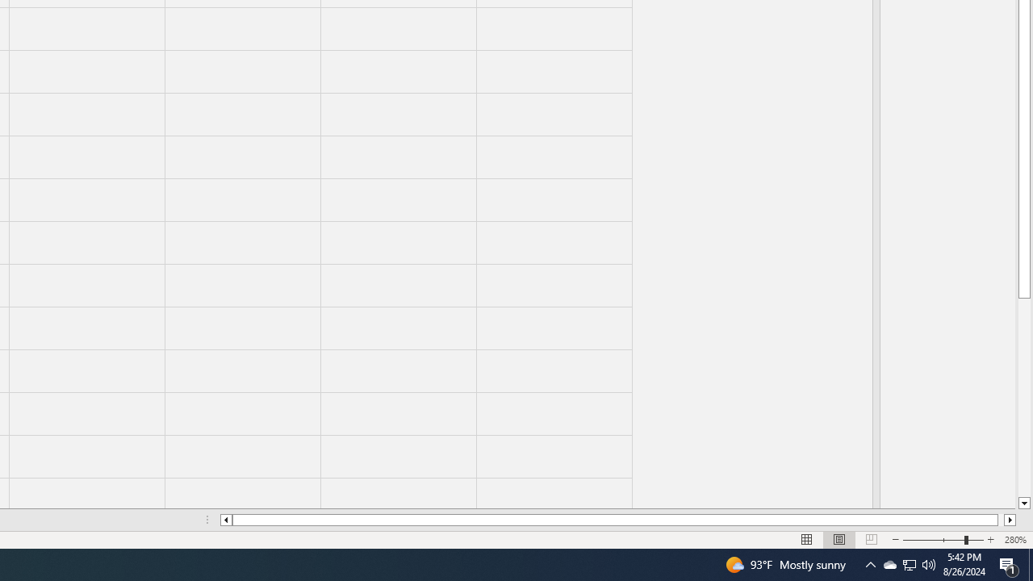  I want to click on 'Page down', so click(1023, 398).